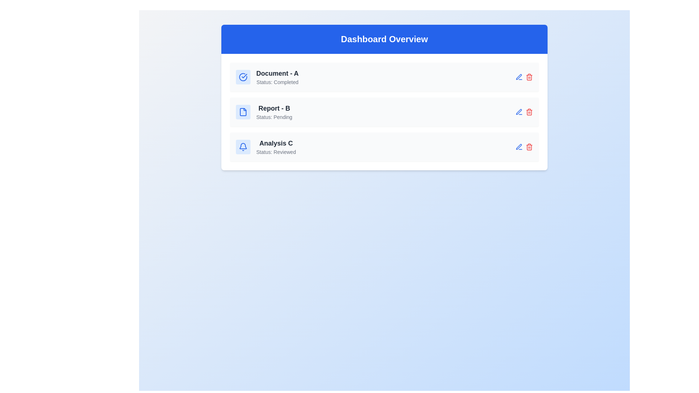 Image resolution: width=699 pixels, height=393 pixels. I want to click on the text label indicating the status of 'Analysis C', which currently shows 'Reviewed' and is located directly below the title 'Analysis C' in the 'Dashboard Overview' section, so click(276, 151).